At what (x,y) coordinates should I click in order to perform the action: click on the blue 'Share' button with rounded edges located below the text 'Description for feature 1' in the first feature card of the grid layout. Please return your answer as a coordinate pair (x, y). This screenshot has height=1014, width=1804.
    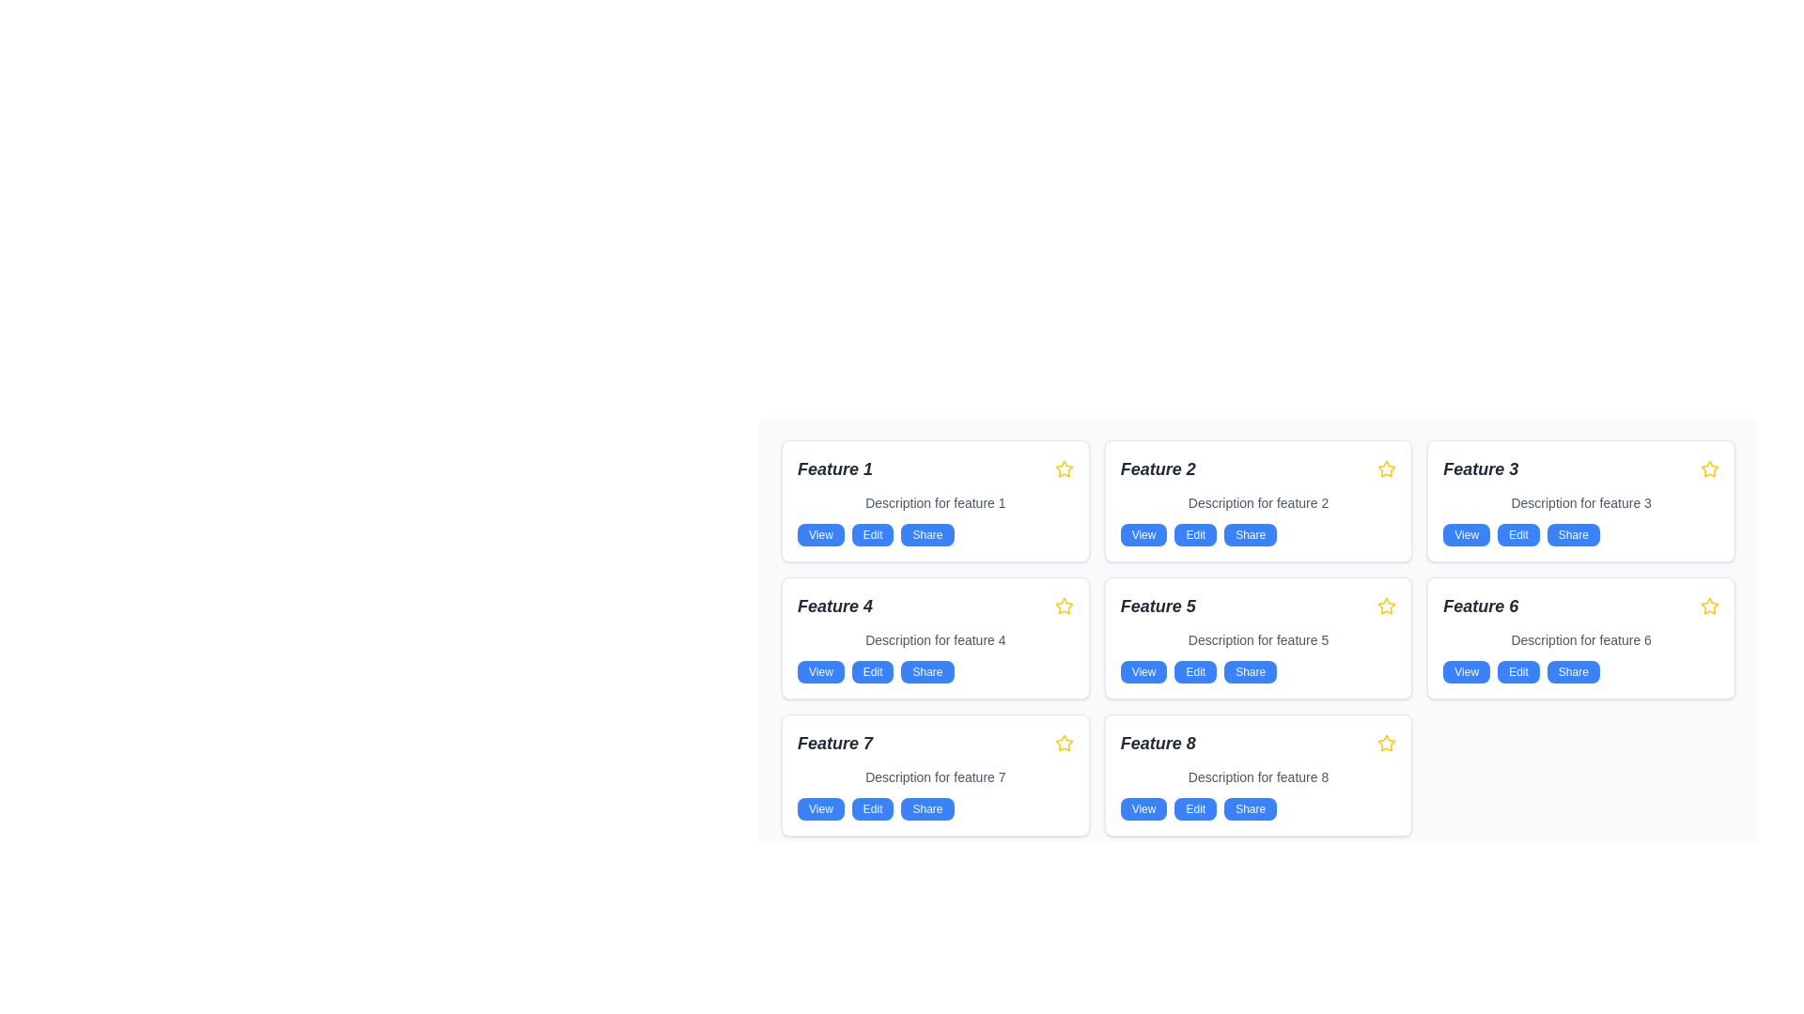
    Looking at the image, I should click on (935, 535).